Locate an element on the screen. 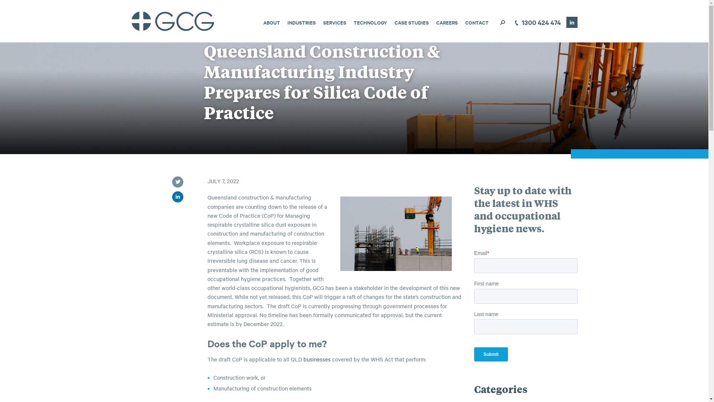 This screenshot has height=402, width=714. 'ABOUT' is located at coordinates (271, 22).